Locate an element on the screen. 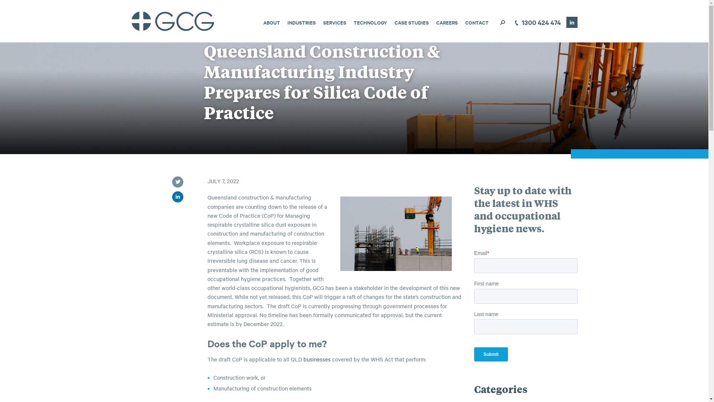 This screenshot has height=402, width=714. 'ABOUT' is located at coordinates (271, 22).